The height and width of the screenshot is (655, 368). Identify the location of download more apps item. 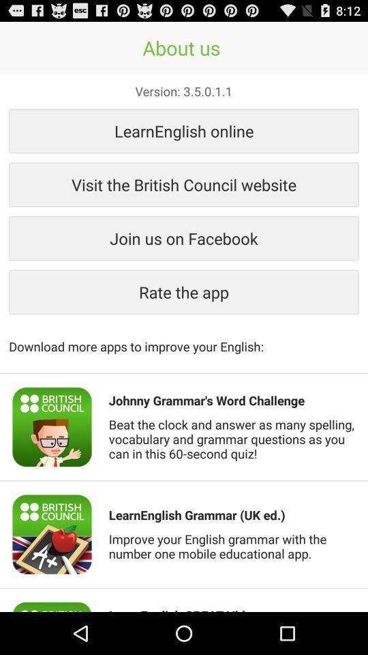
(184, 338).